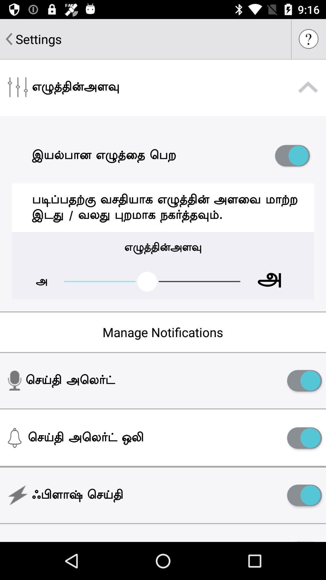 The height and width of the screenshot is (580, 326). What do you see at coordinates (9, 39) in the screenshot?
I see `go back` at bounding box center [9, 39].